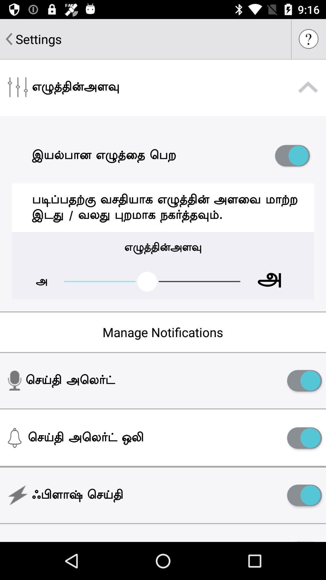 The height and width of the screenshot is (580, 326). What do you see at coordinates (9, 39) in the screenshot?
I see `go back` at bounding box center [9, 39].